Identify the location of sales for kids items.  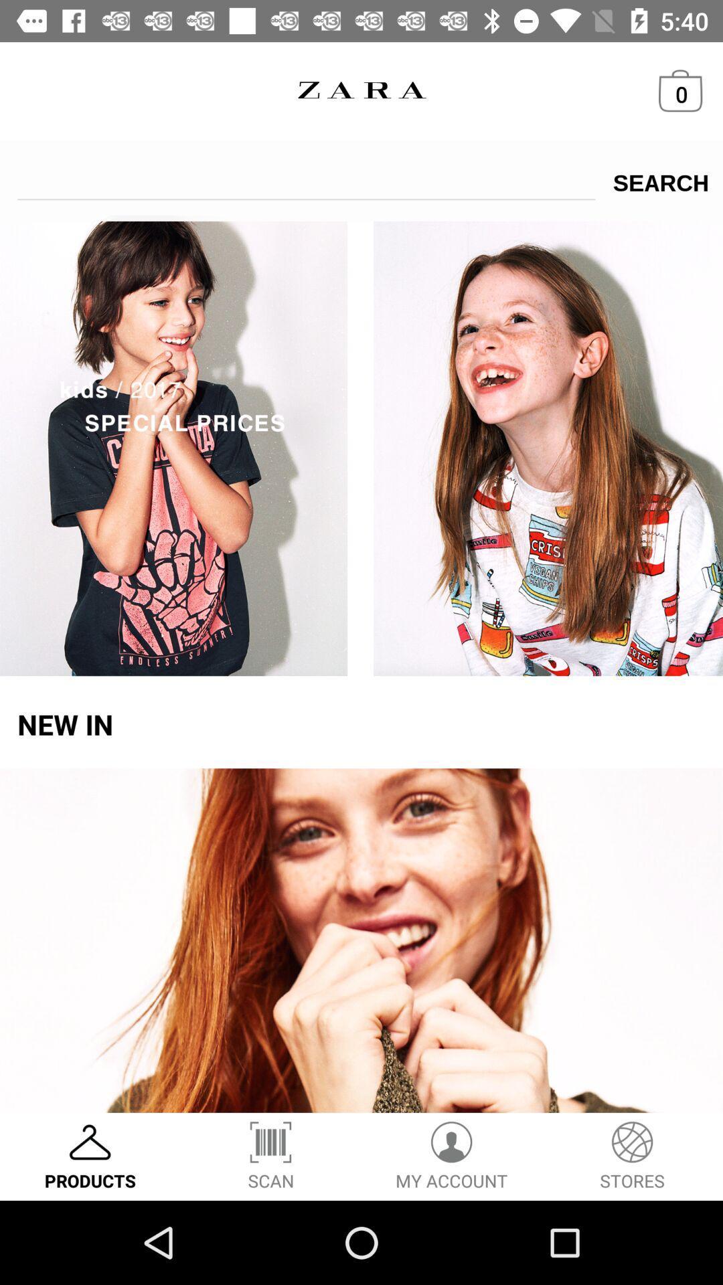
(361, 446).